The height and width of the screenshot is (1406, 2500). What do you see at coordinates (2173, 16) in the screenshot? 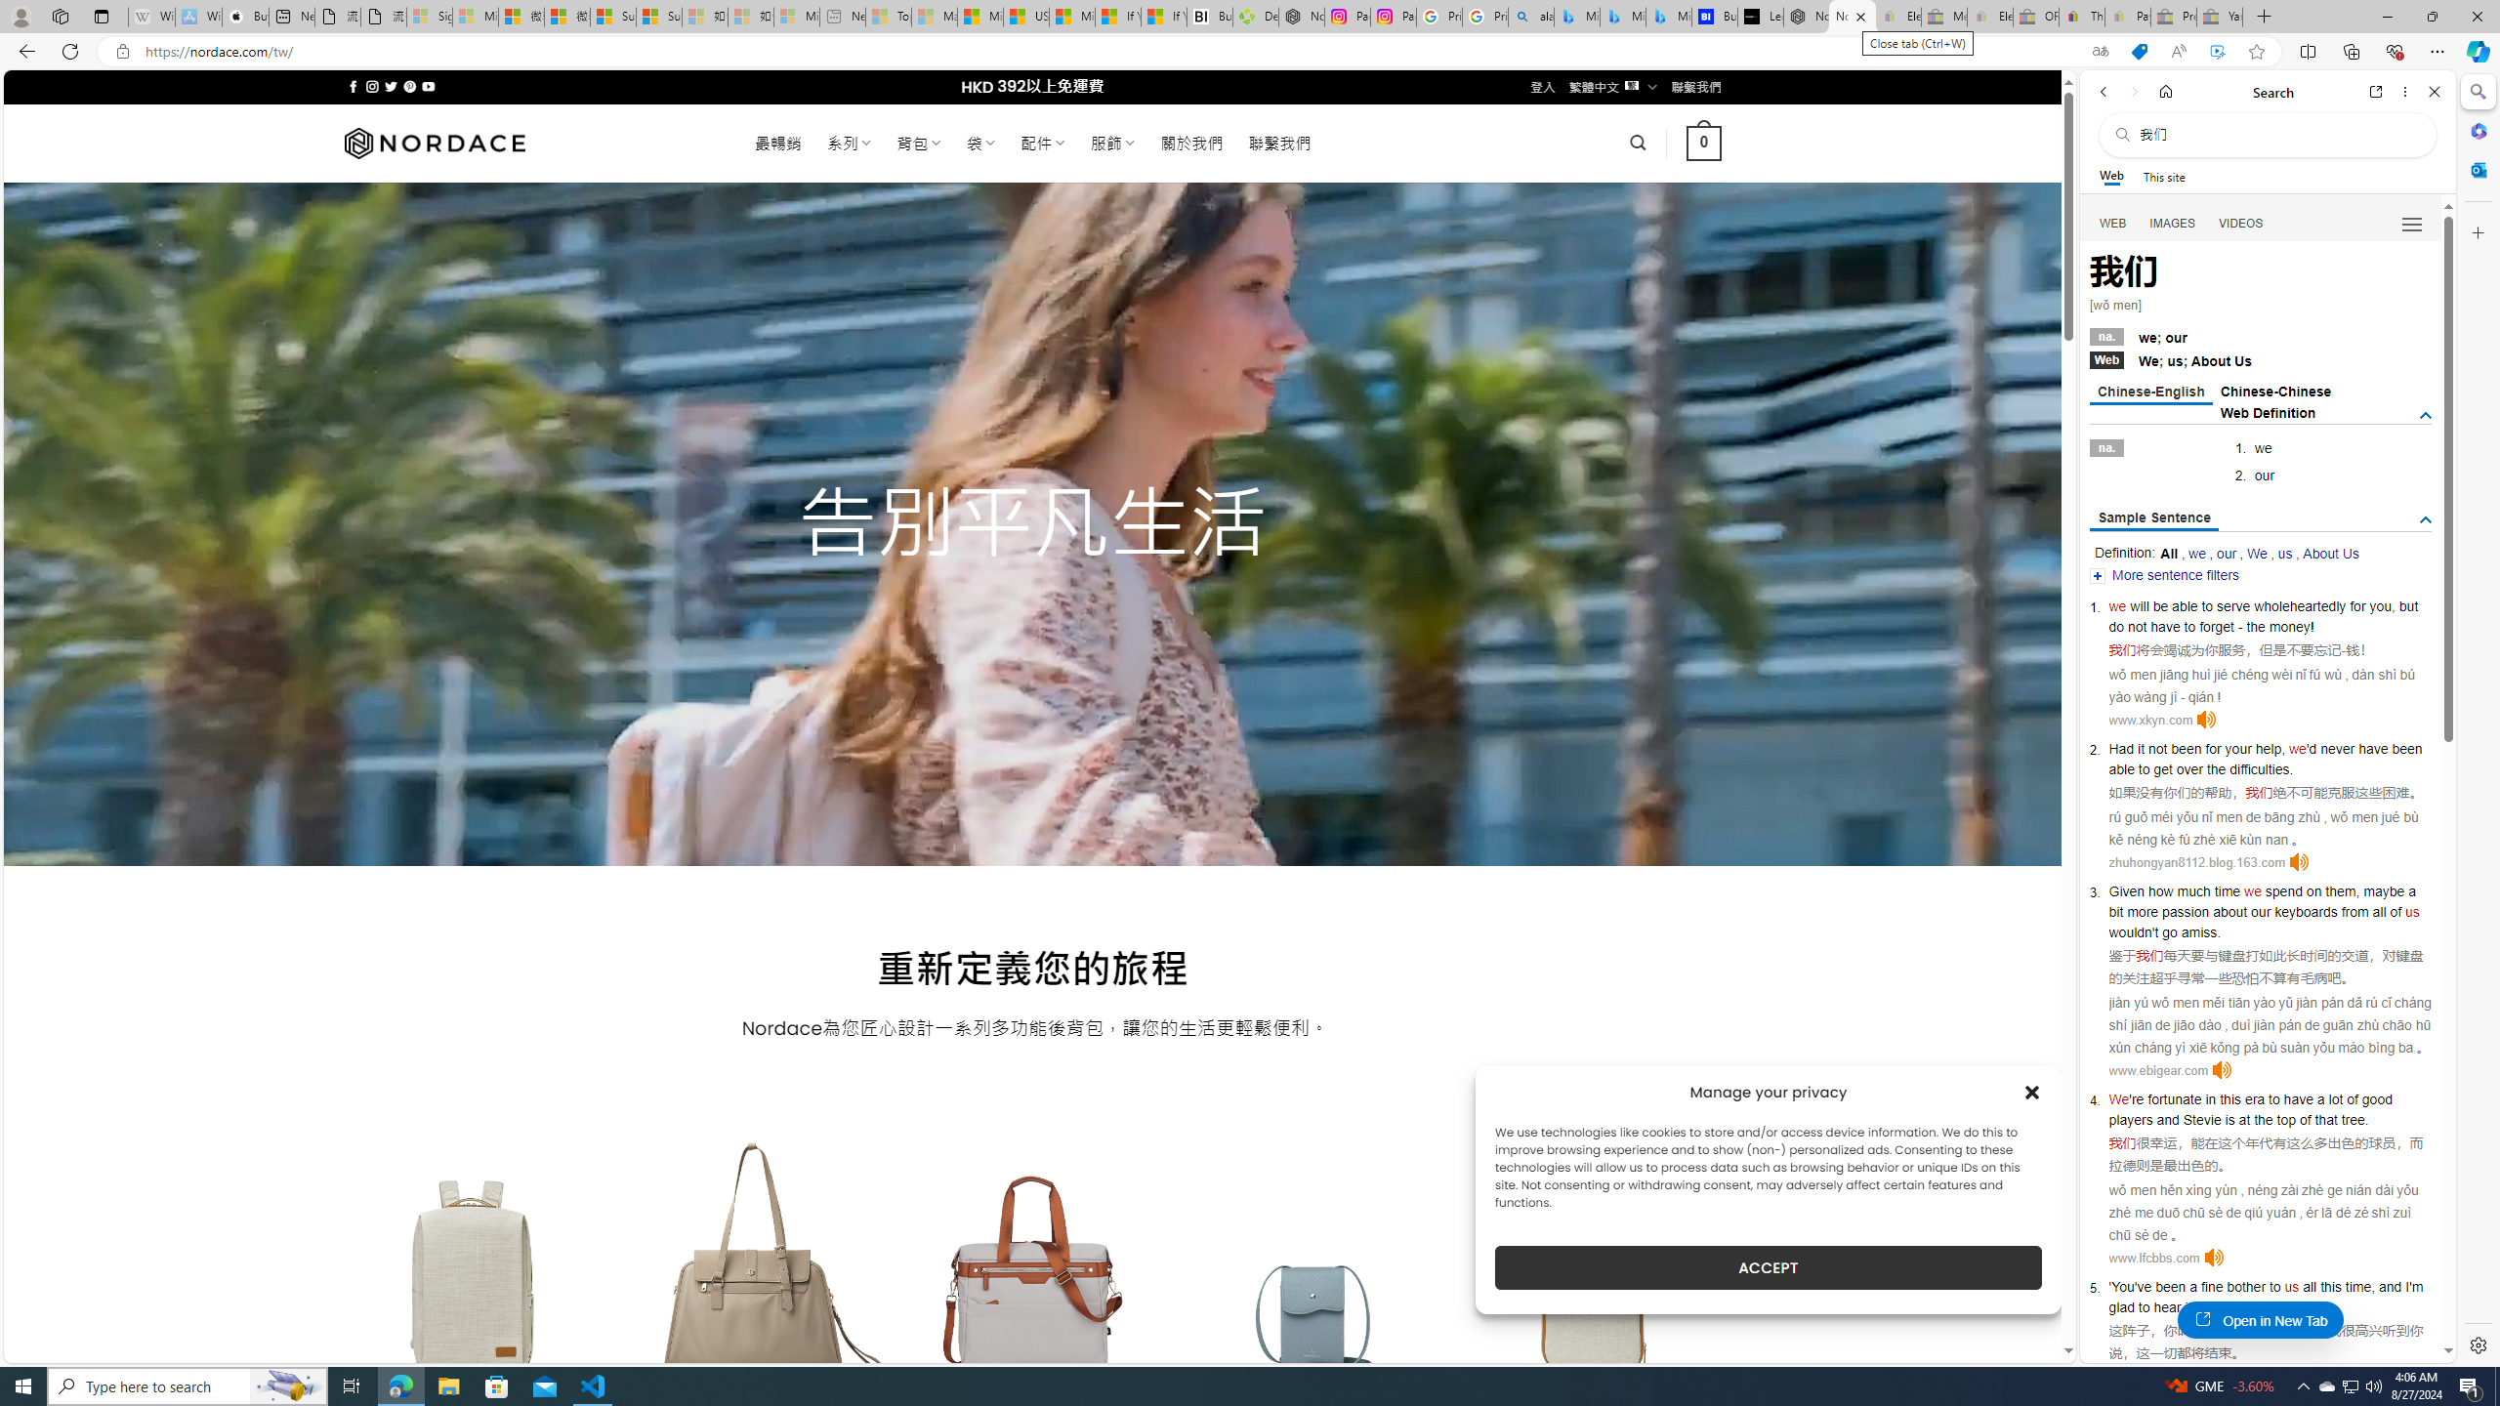
I see `'Press Room - eBay Inc. - Sleeping'` at bounding box center [2173, 16].